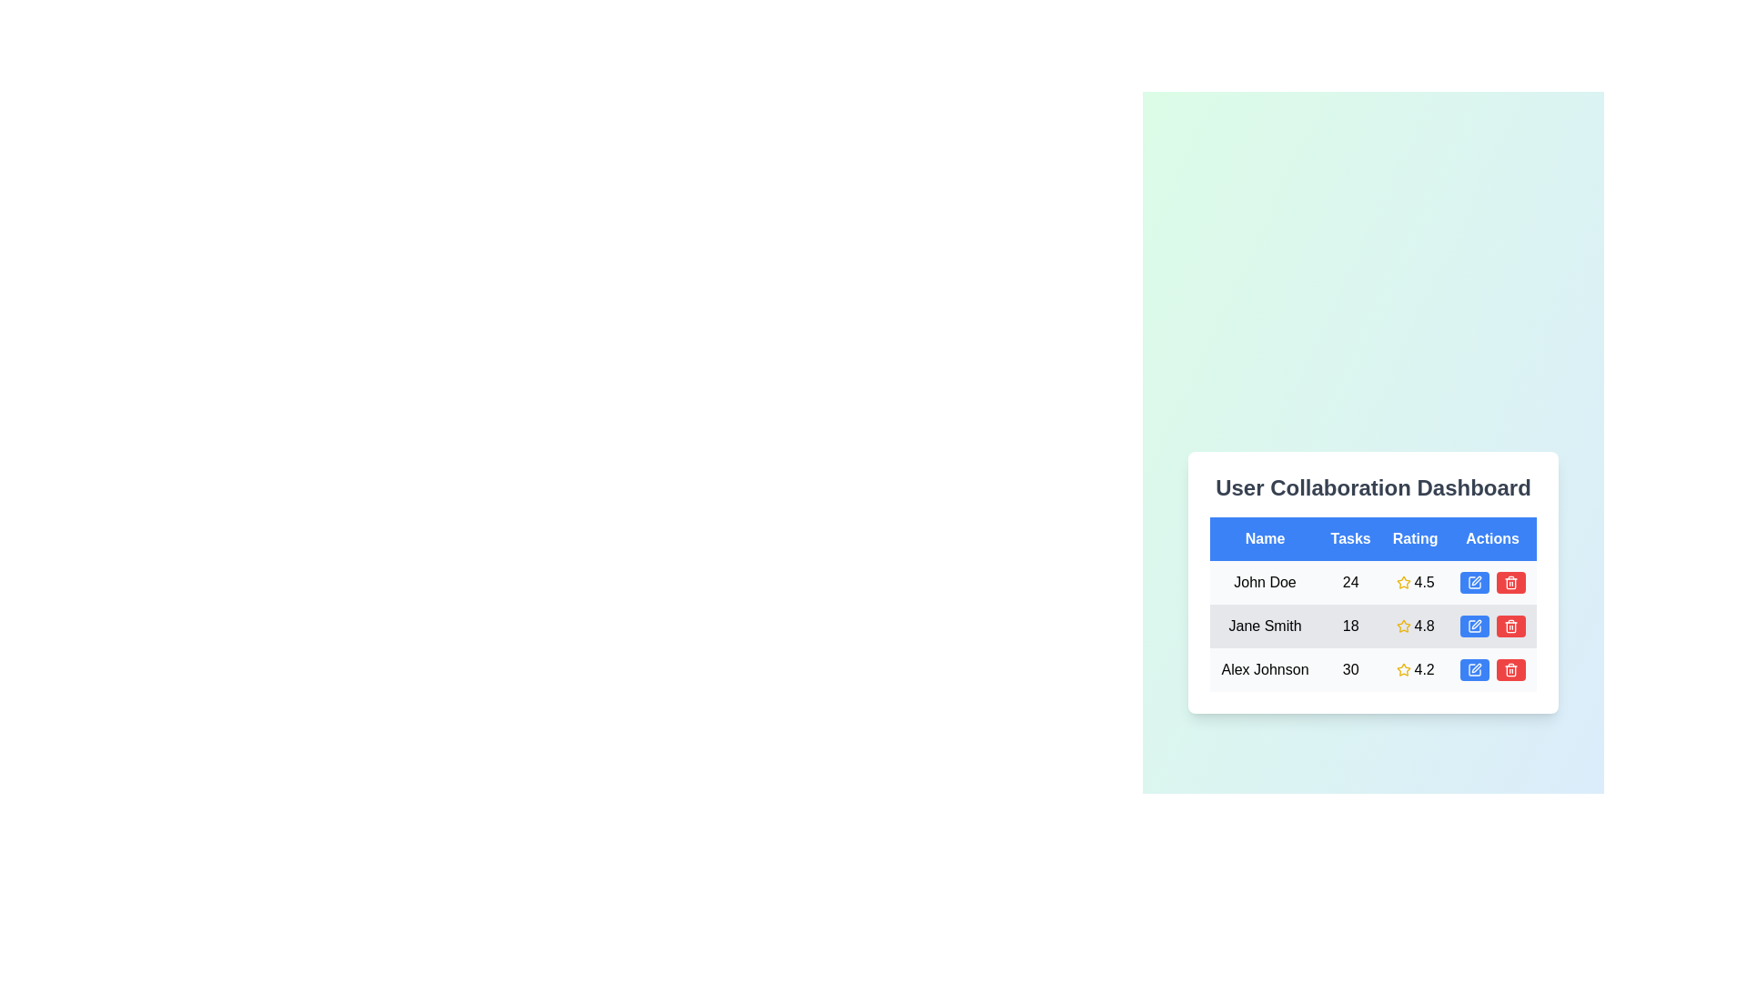 Image resolution: width=1747 pixels, height=982 pixels. What do you see at coordinates (1414, 626) in the screenshot?
I see `the Text with an icon (star) in the 'Rating' column of the 'User Collaboration Dashboard' for 'Jane Smith' in the second row` at bounding box center [1414, 626].